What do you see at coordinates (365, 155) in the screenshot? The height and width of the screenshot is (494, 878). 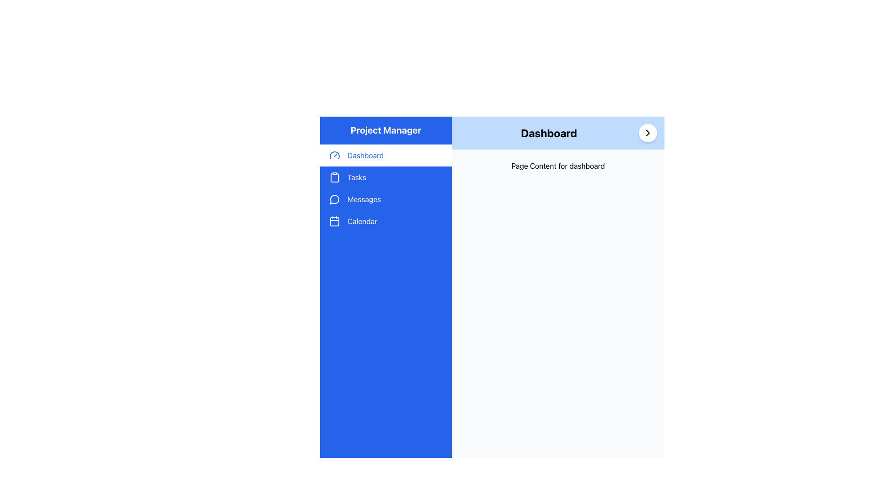 I see `the navigation link text located in the left-hand navigation menu directly below the 'Project Manager' header, which redirects to the dashboard view` at bounding box center [365, 155].